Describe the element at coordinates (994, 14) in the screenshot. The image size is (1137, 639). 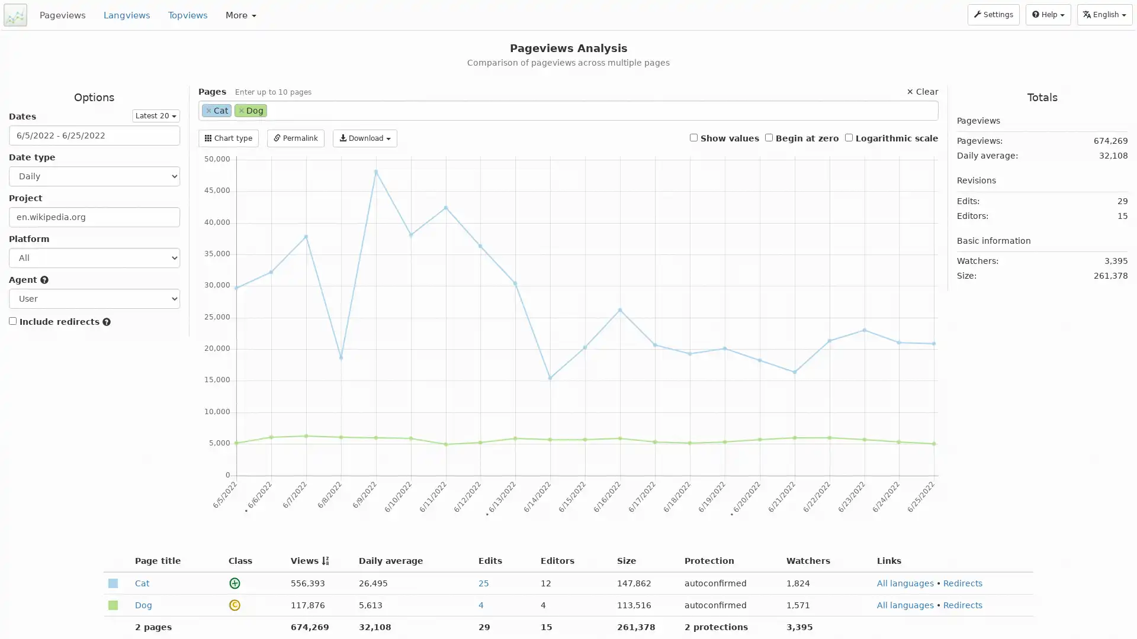
I see `Settings` at that location.